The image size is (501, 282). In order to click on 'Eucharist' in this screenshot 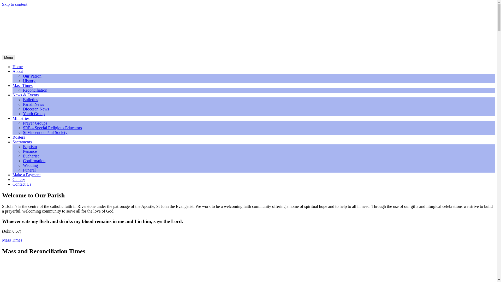, I will do `click(31, 156)`.